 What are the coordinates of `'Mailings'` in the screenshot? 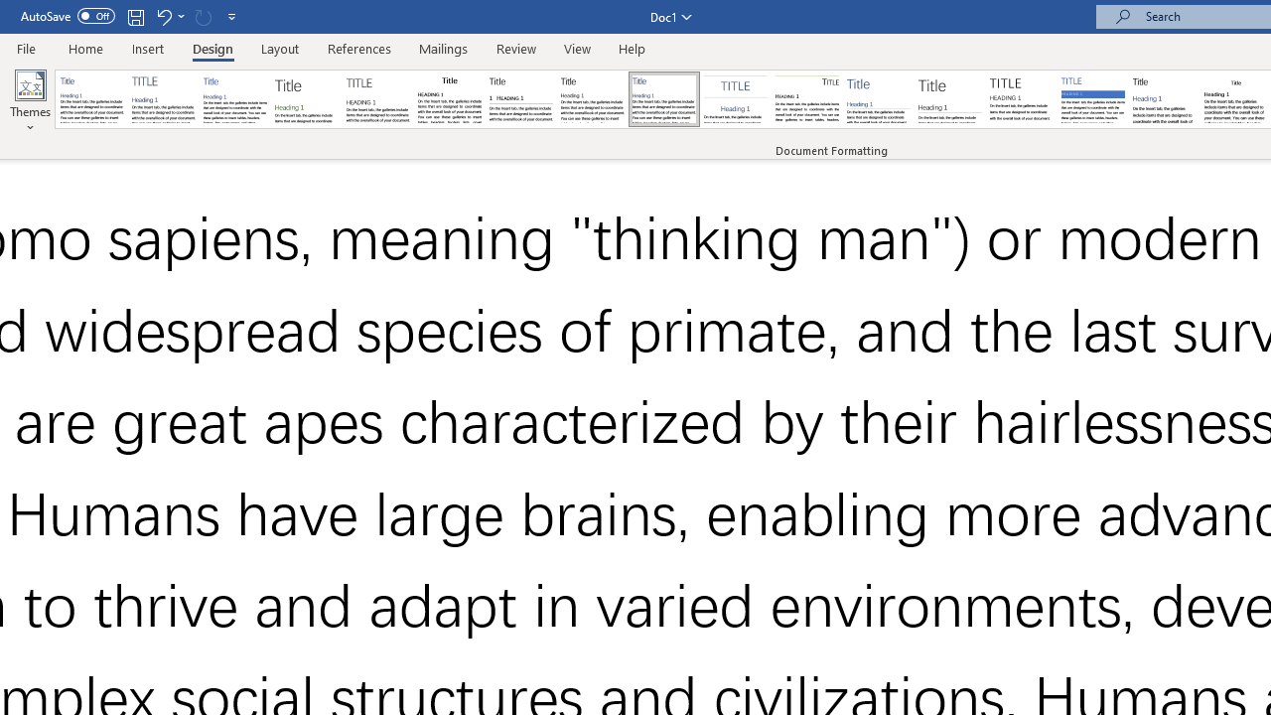 It's located at (443, 48).